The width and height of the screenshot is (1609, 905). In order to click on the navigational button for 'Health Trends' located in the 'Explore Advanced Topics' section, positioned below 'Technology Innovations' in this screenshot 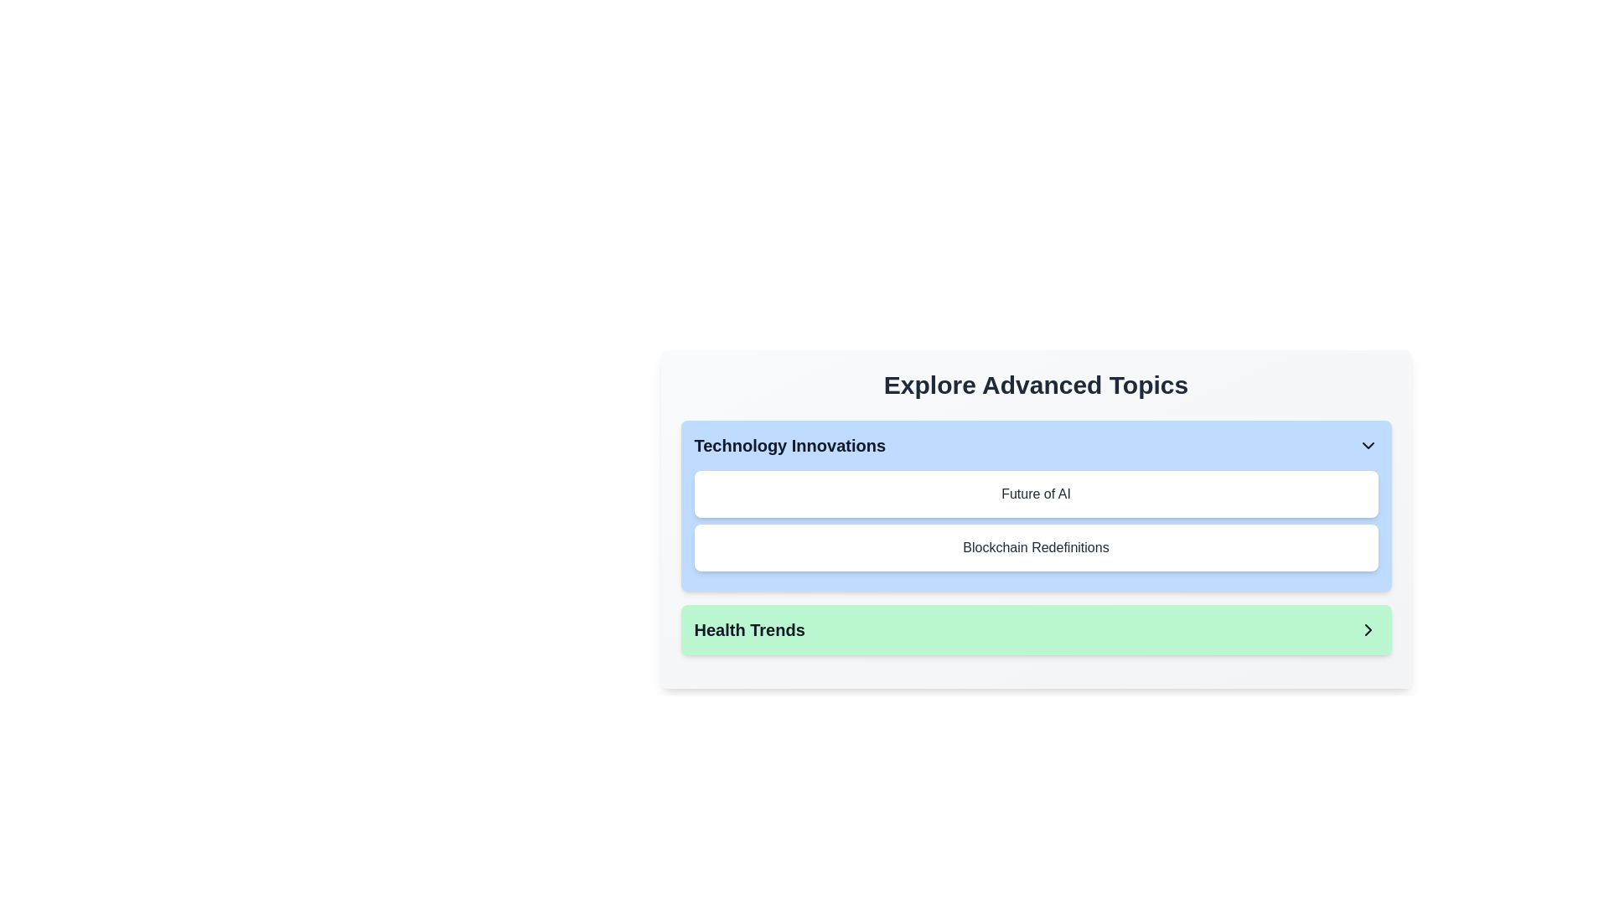, I will do `click(1035, 630)`.